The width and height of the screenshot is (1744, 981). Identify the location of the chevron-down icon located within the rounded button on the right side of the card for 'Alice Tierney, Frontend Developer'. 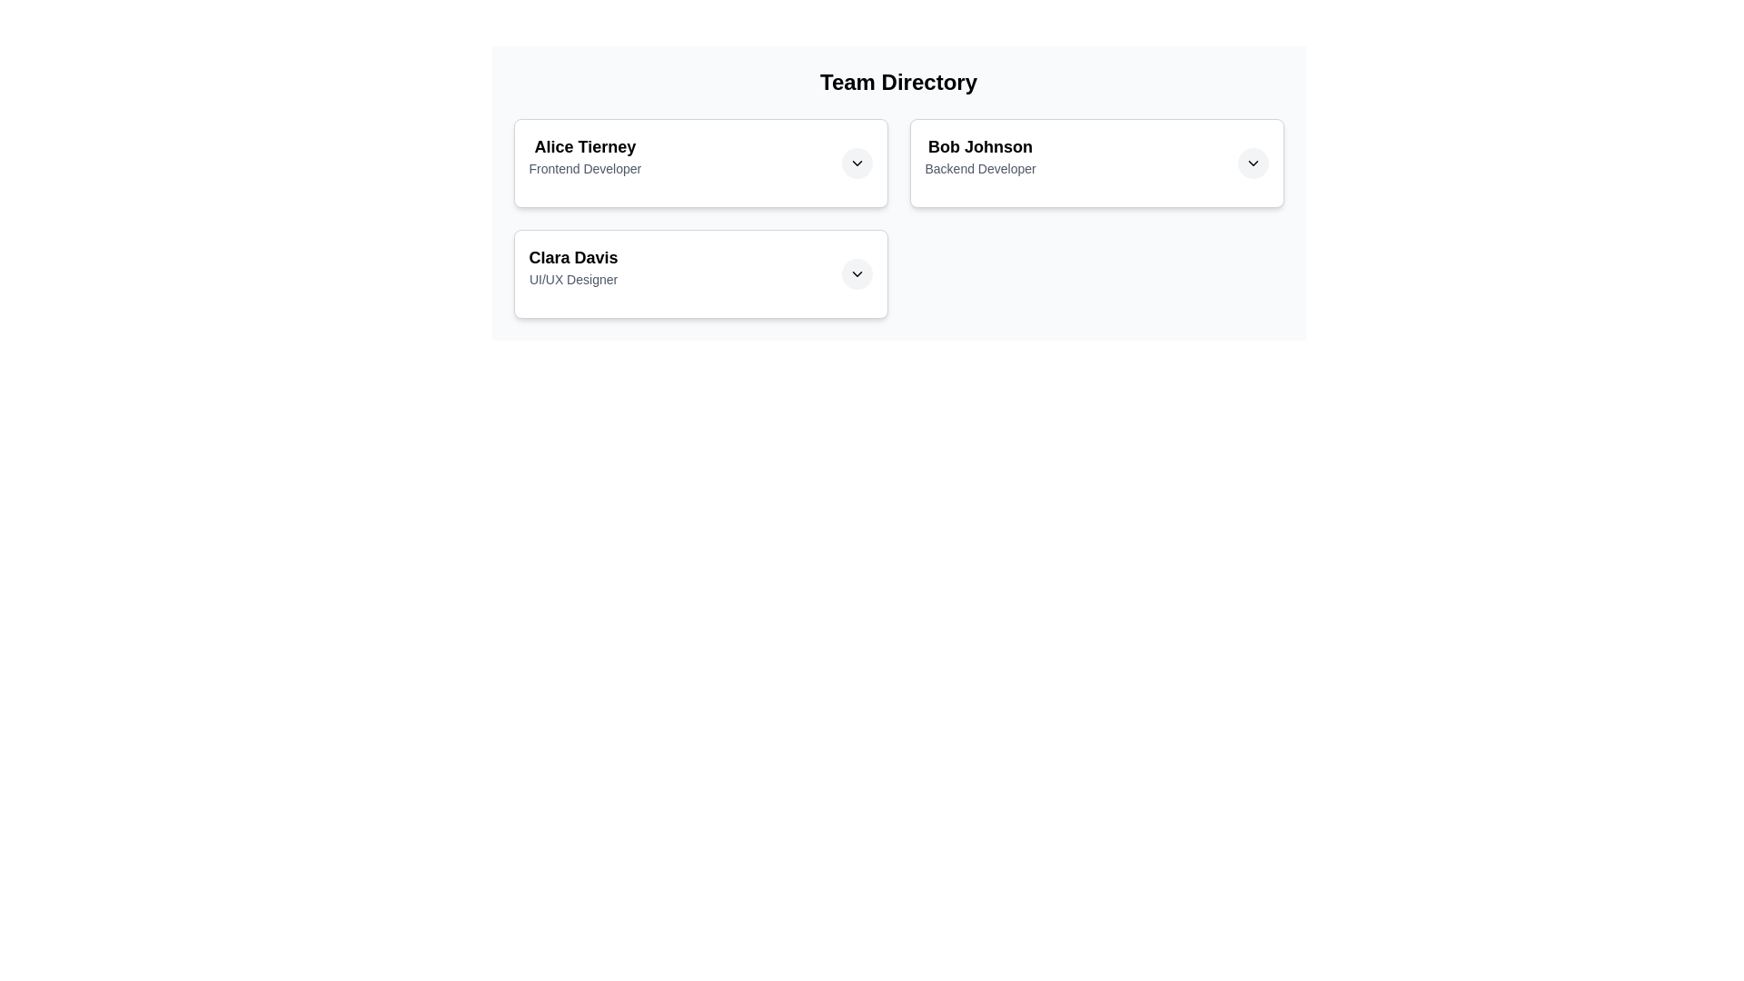
(856, 163).